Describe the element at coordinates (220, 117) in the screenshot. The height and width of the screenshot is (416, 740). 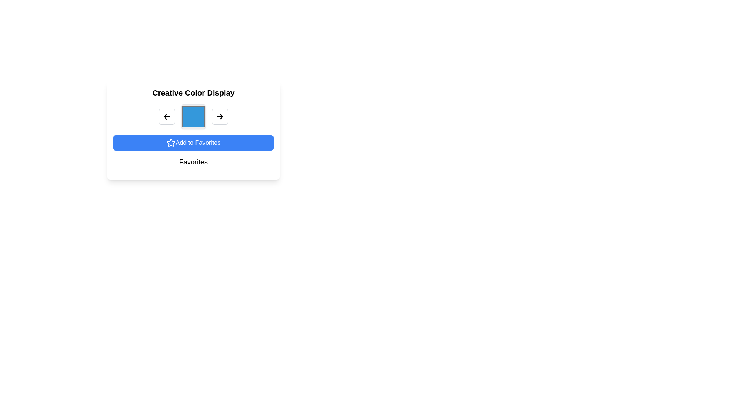
I see `the square button with rounded corners and a right-pointing arrow icon` at that location.